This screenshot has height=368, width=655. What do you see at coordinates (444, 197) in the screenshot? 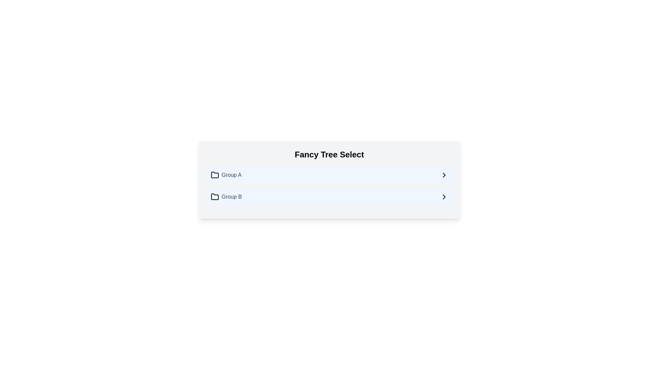
I see `the chevron icon located to the far right of the 'Group B' list item` at bounding box center [444, 197].